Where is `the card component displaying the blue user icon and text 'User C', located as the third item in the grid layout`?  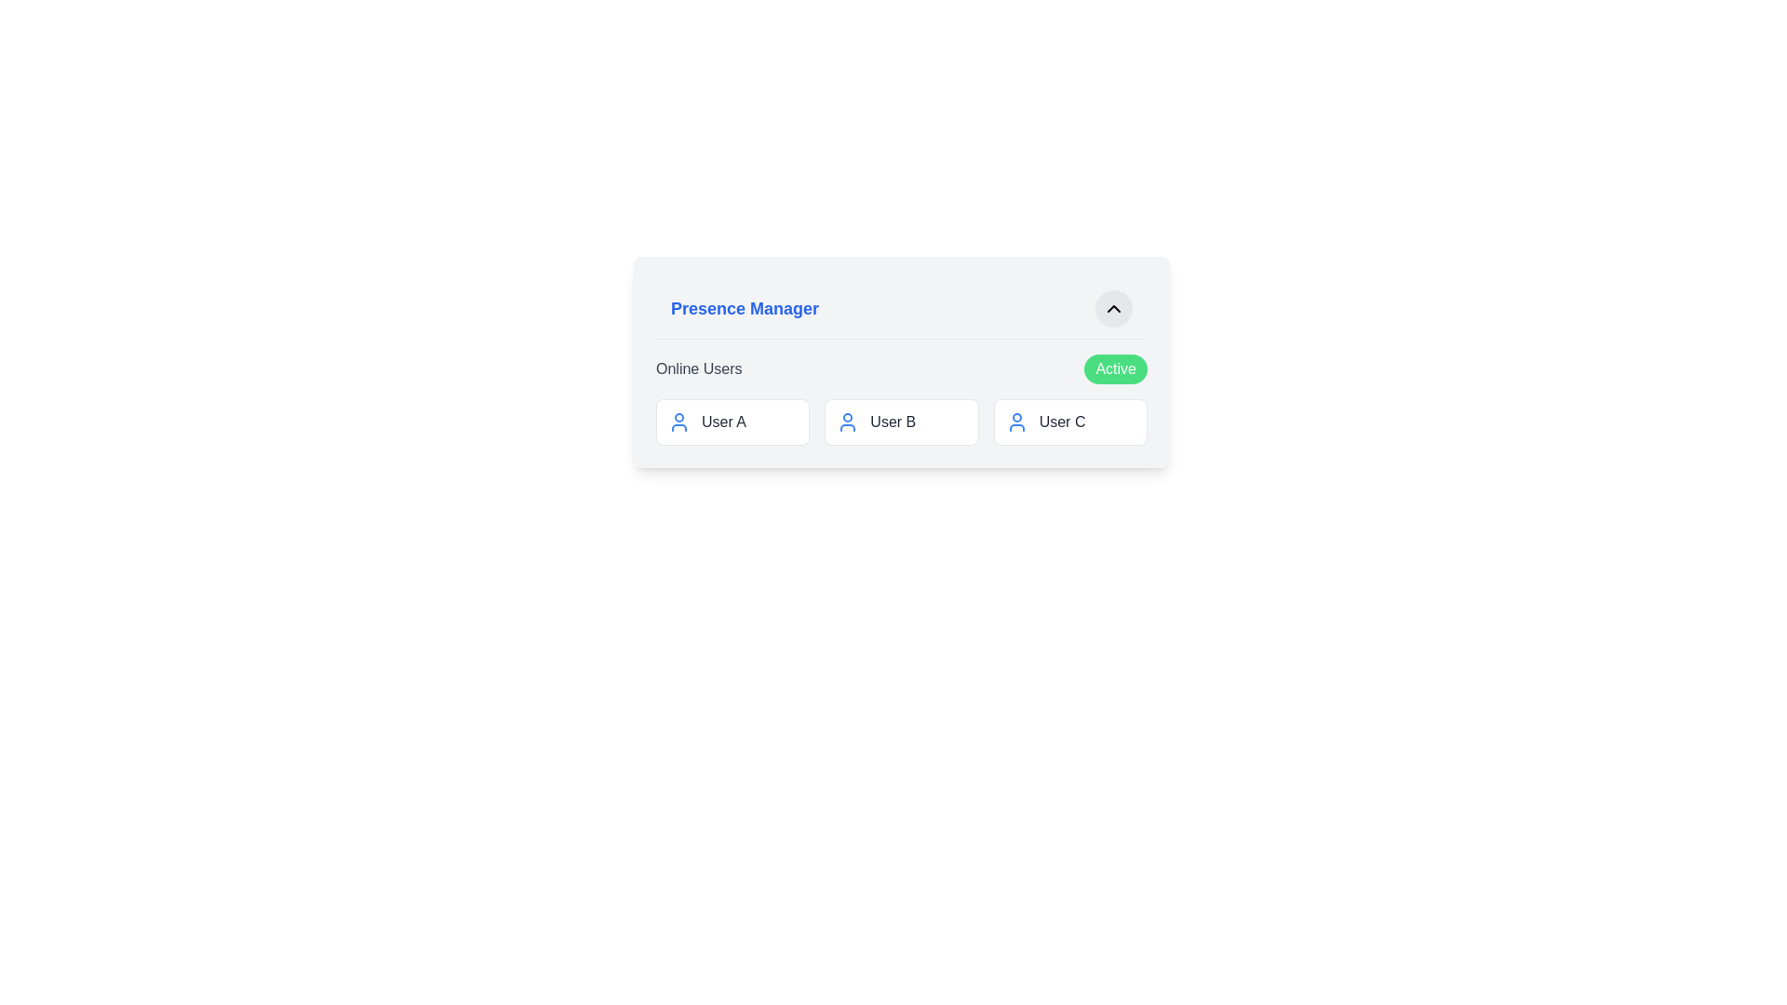
the card component displaying the blue user icon and text 'User C', located as the third item in the grid layout is located at coordinates (1070, 422).